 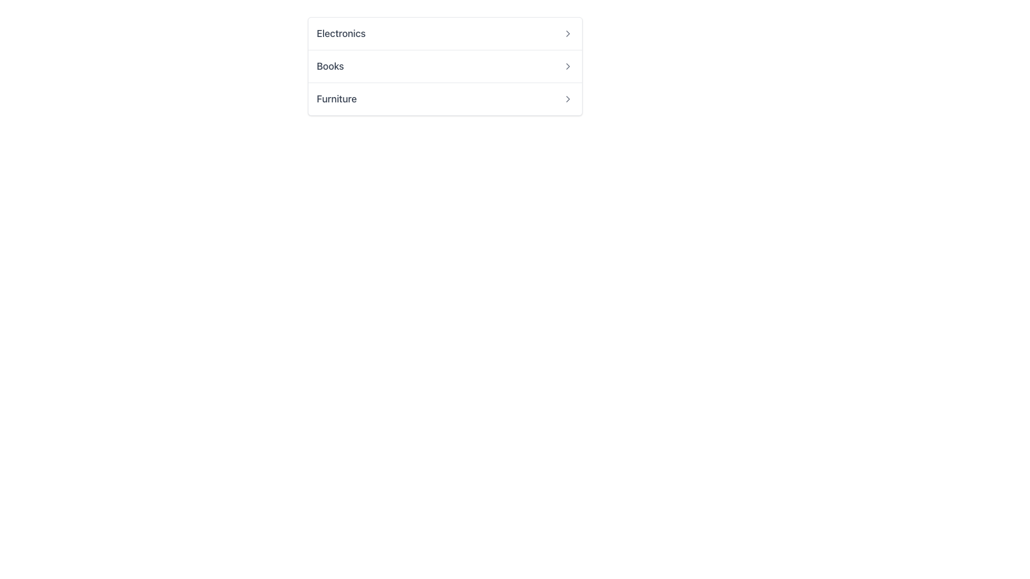 I want to click on the chevron icon located next to the 'Furniture' label in the third row of the vertical list, so click(x=567, y=99).